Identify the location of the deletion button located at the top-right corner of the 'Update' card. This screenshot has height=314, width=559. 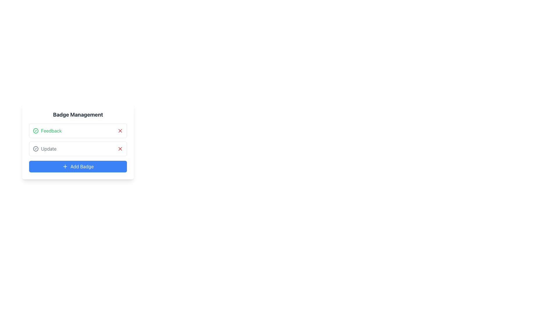
(120, 149).